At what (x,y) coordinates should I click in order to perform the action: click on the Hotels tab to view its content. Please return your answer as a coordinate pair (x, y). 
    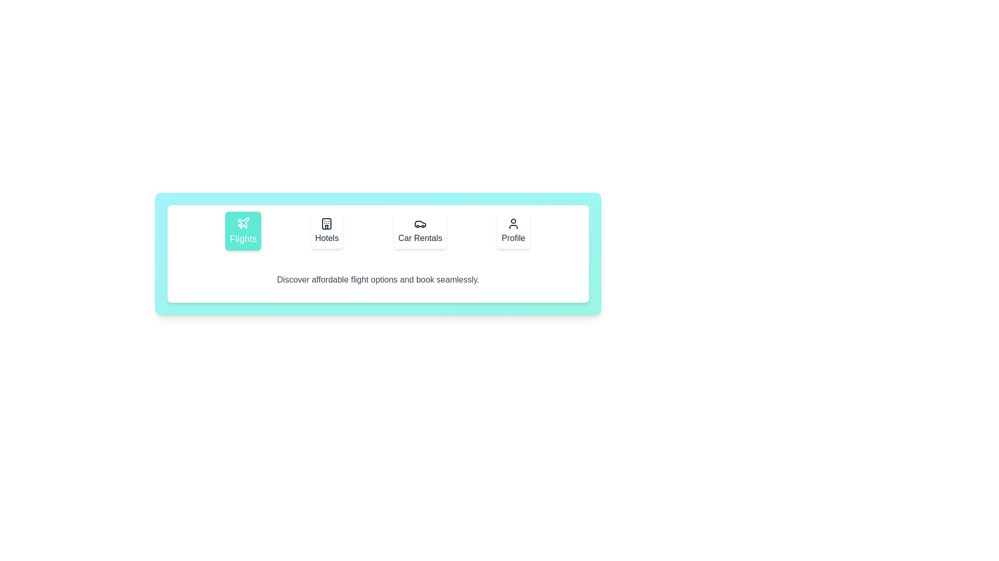
    Looking at the image, I should click on (326, 230).